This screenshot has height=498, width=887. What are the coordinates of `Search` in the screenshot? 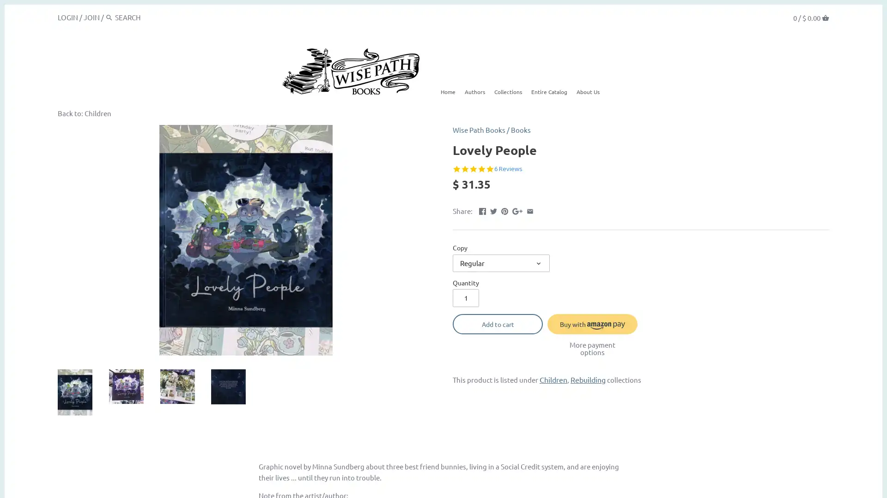 It's located at (109, 17).